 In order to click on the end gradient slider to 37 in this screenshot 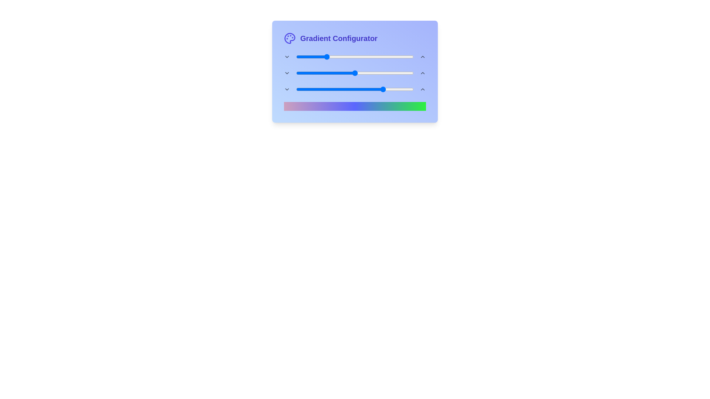, I will do `click(339, 89)`.